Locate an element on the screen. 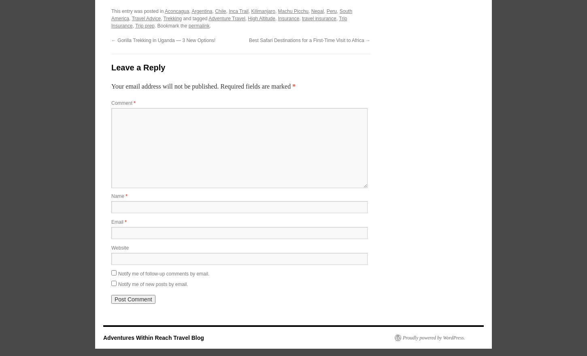 This screenshot has width=587, height=356. 'Notify me of new posts by email.' is located at coordinates (153, 284).